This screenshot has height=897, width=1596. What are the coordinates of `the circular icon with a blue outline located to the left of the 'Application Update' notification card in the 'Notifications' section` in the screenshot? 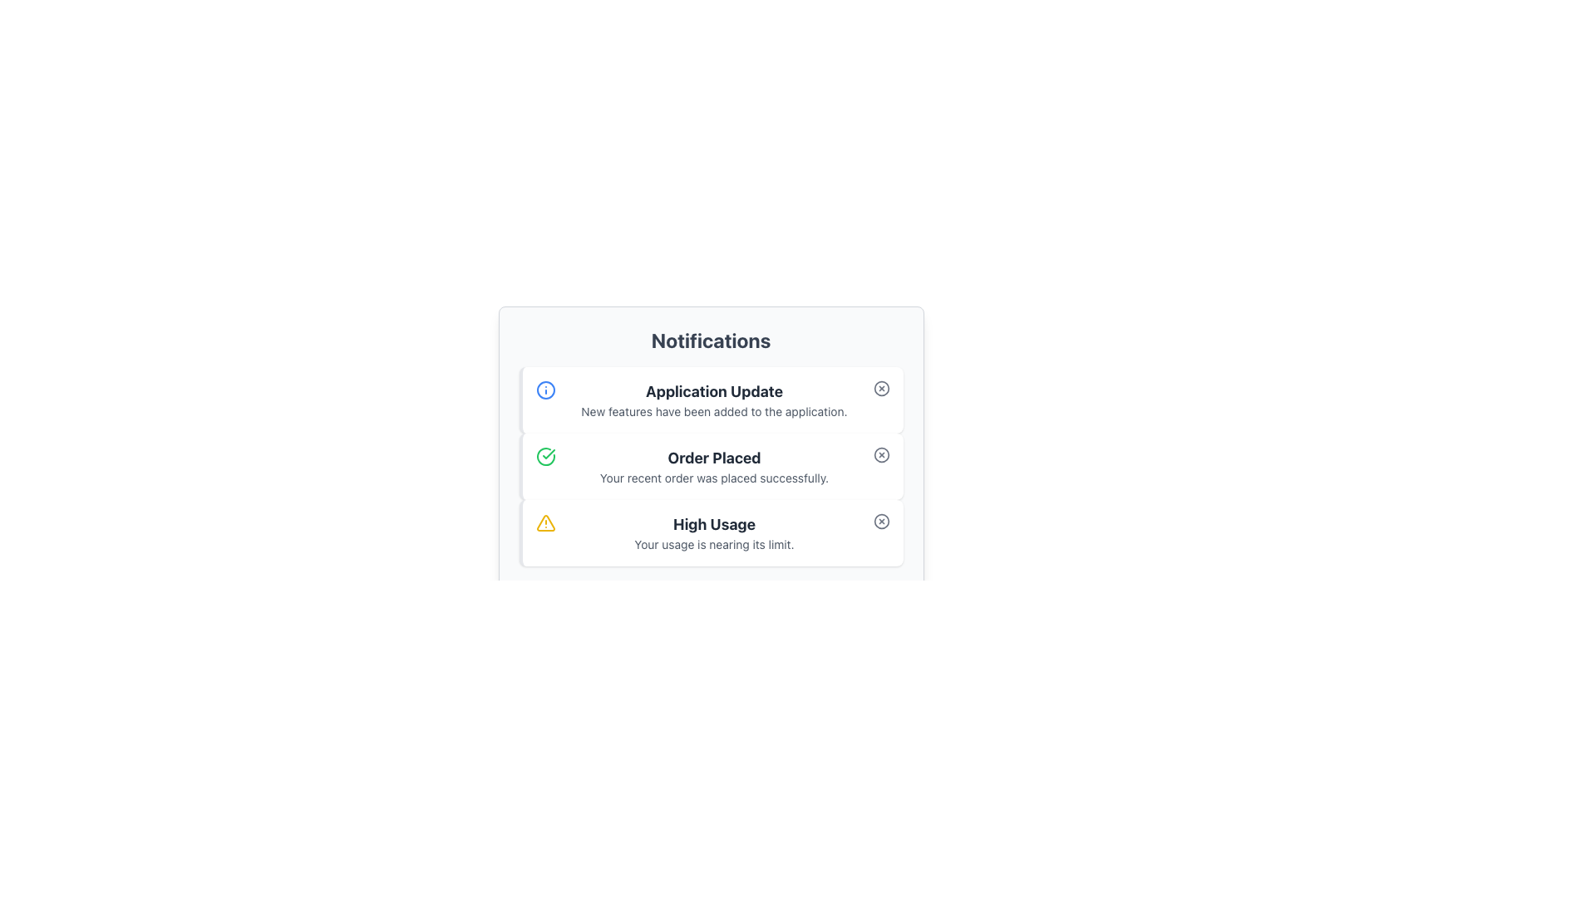 It's located at (545, 390).